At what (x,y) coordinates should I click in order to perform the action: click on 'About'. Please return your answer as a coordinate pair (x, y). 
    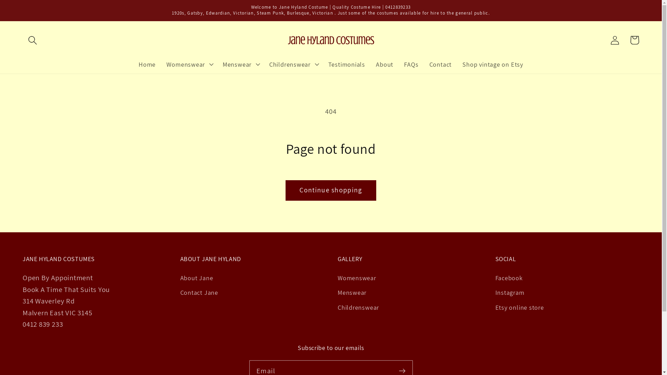
    Looking at the image, I should click on (384, 64).